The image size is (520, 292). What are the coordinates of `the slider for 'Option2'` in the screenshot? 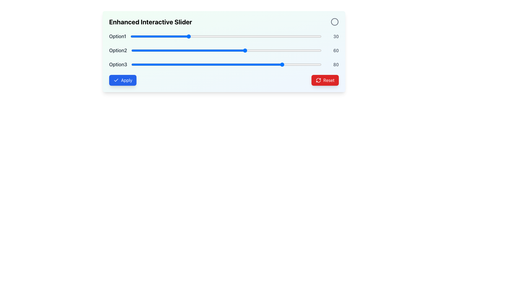 It's located at (135, 50).